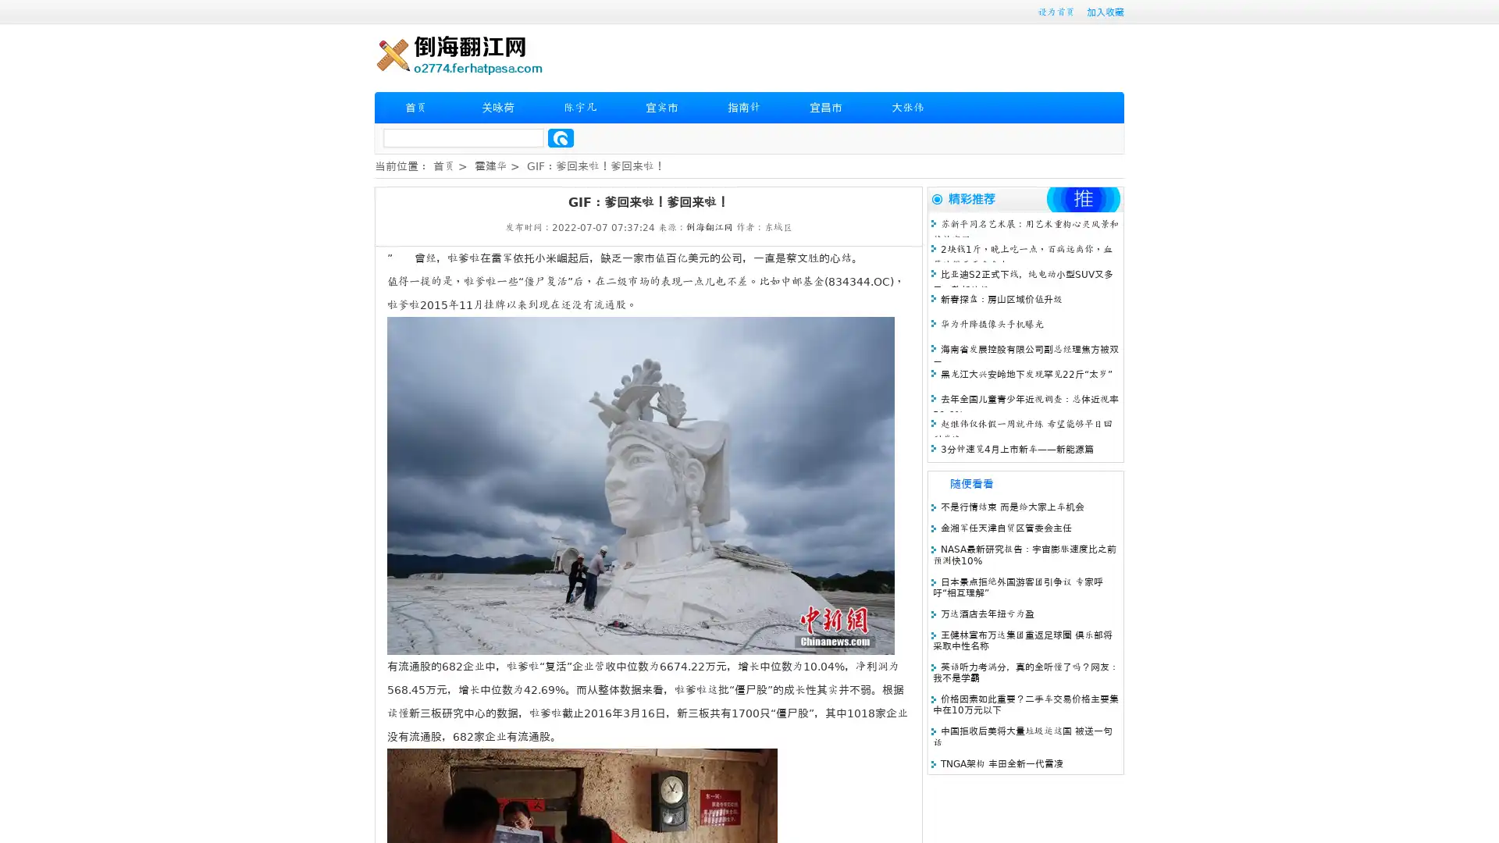 The image size is (1499, 843). I want to click on Search, so click(561, 137).